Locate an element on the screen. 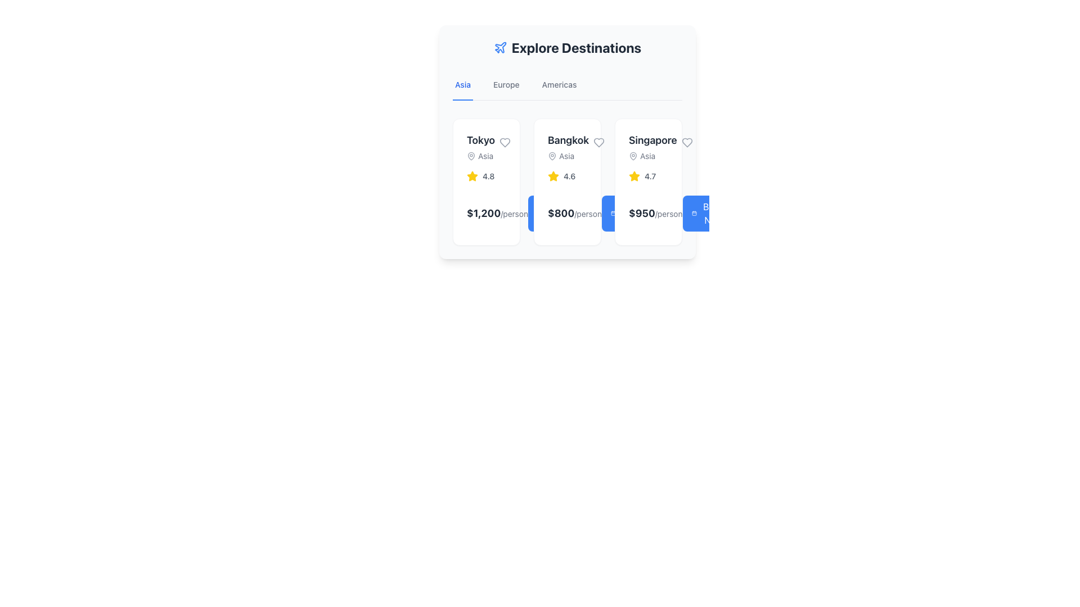 Image resolution: width=1080 pixels, height=607 pixels. text label indicating the geographical region 'Asia', located in the bottom section of the third card from the left, below the 'Singapore' label is located at coordinates (652, 156).